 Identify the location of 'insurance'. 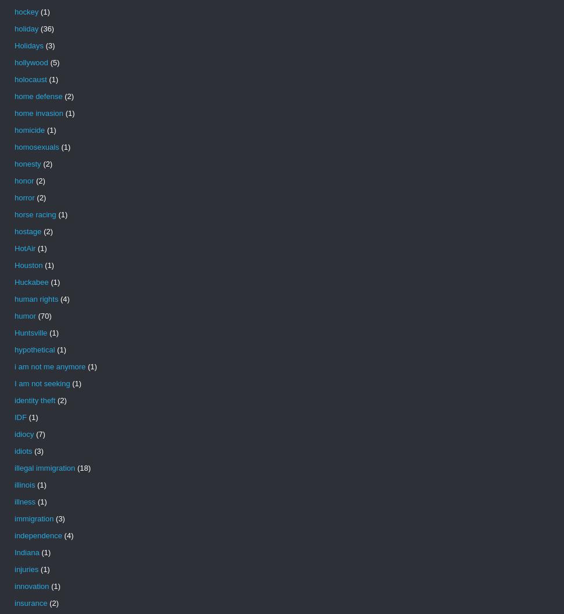
(14, 602).